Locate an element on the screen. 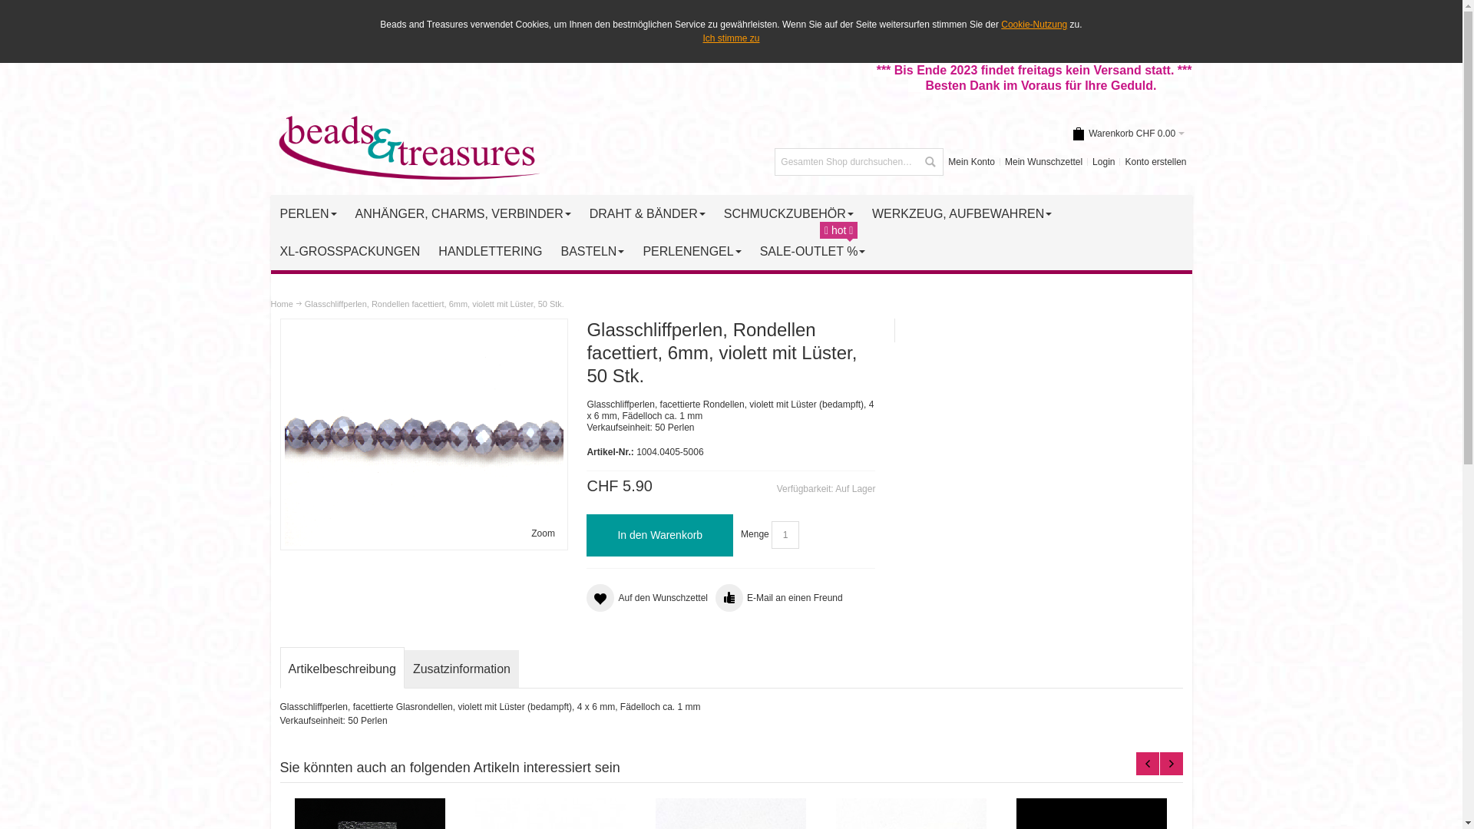 The width and height of the screenshot is (1474, 829). 'Login' is located at coordinates (1102, 162).